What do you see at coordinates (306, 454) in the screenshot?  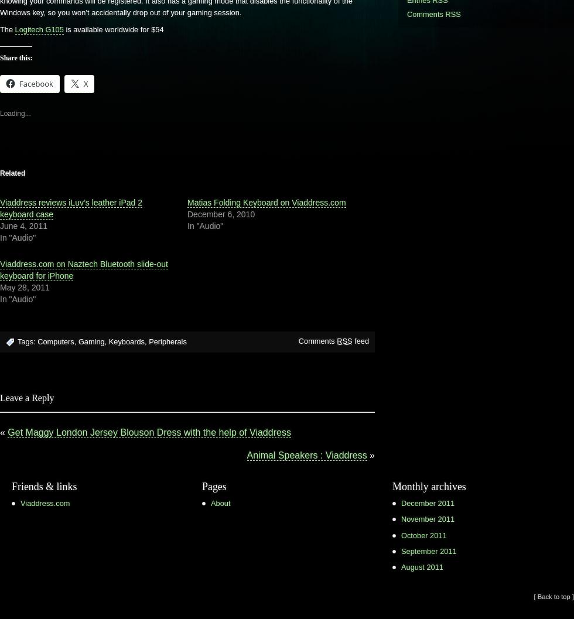 I see `'Animal Speakers : Viaddress'` at bounding box center [306, 454].